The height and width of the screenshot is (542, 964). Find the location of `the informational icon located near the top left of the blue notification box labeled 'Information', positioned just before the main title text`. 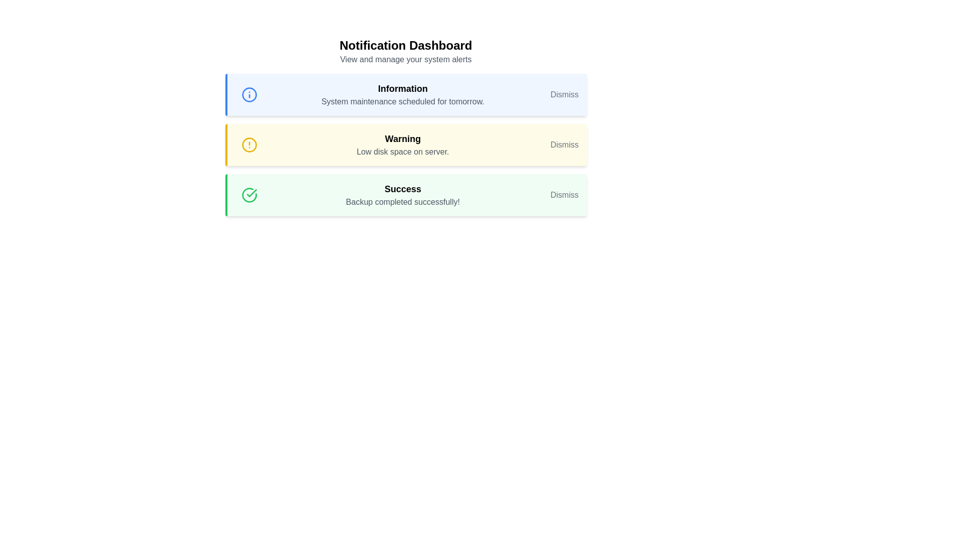

the informational icon located near the top left of the blue notification box labeled 'Information', positioned just before the main title text is located at coordinates (249, 95).